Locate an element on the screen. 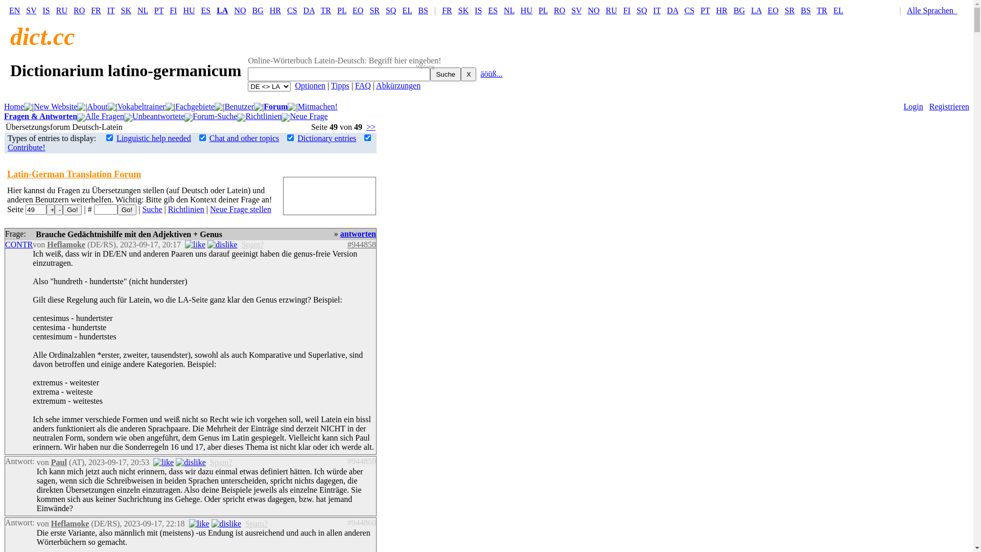 Image resolution: width=981 pixels, height=552 pixels. 'Forum-Suche' is located at coordinates (214, 116).